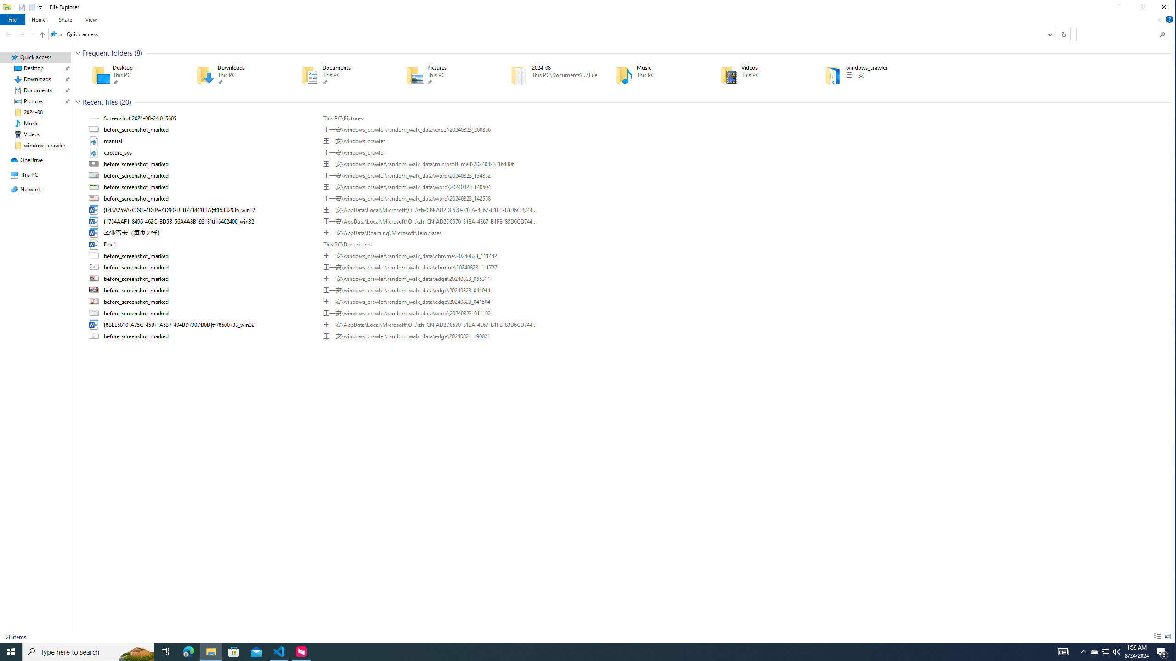  I want to click on 'All locations', so click(56, 34).